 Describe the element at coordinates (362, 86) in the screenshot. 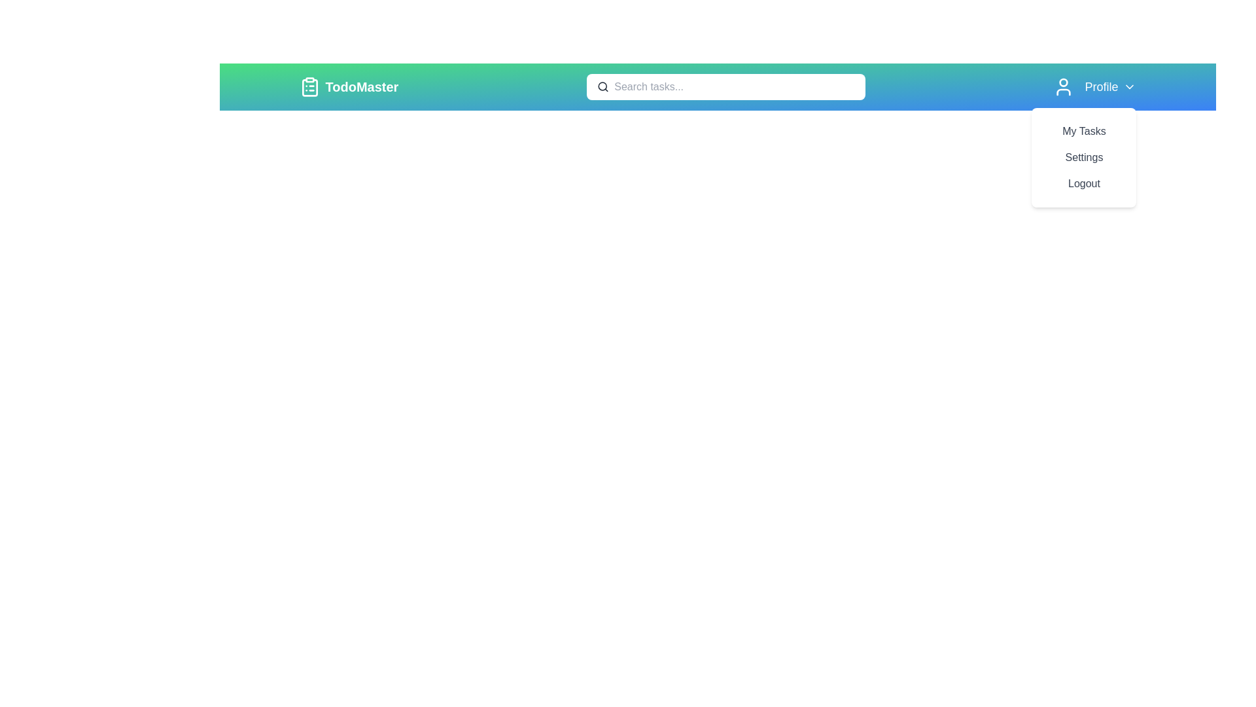

I see `the Text Label located in the top navigation bar, which serves as the title or branding for the application interface` at that location.